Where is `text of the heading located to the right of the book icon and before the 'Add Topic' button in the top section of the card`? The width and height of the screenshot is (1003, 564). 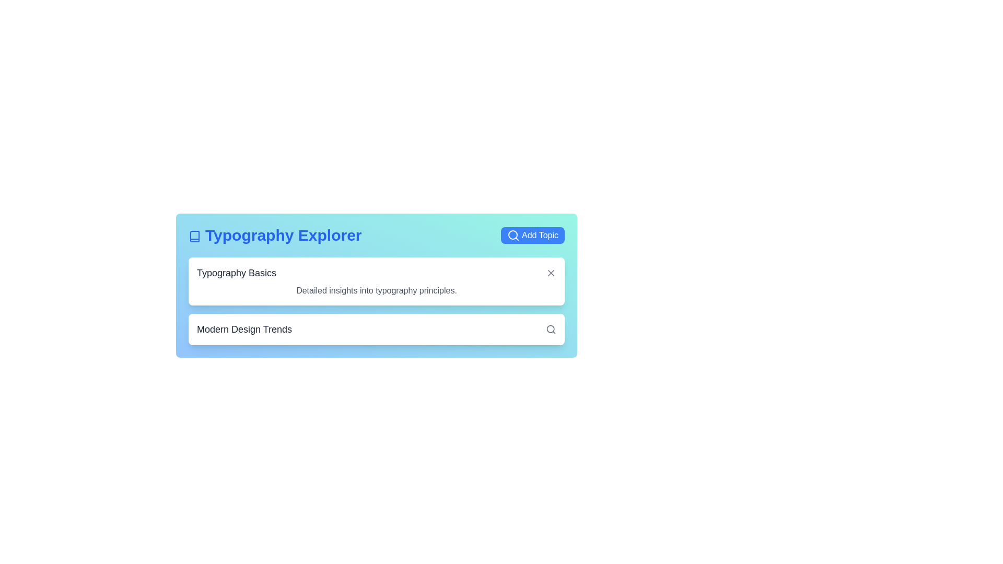
text of the heading located to the right of the book icon and before the 'Add Topic' button in the top section of the card is located at coordinates (275, 236).